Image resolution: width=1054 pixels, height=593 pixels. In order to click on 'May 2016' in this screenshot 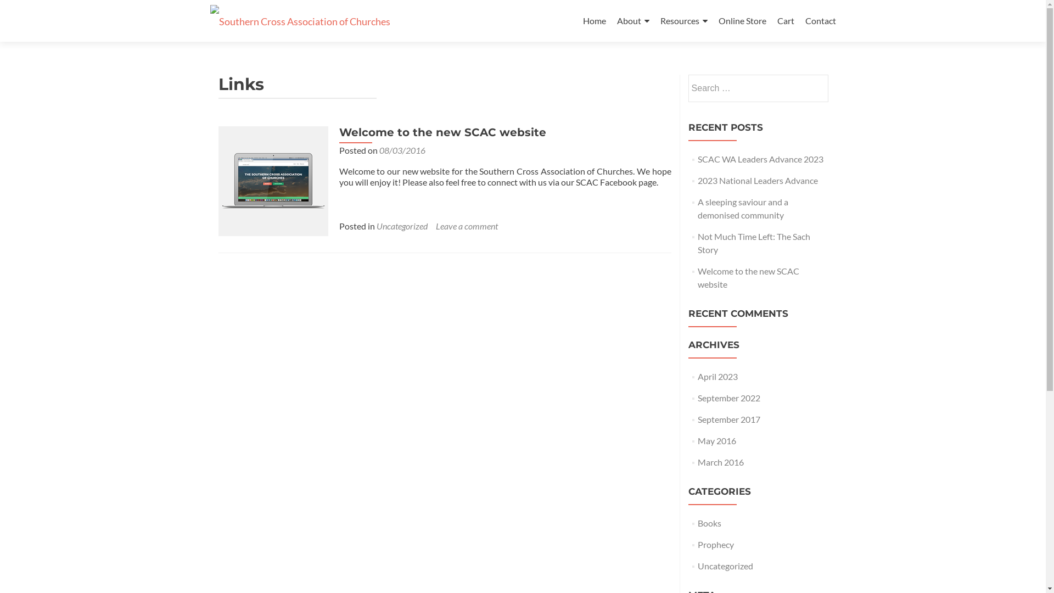, I will do `click(716, 440)`.